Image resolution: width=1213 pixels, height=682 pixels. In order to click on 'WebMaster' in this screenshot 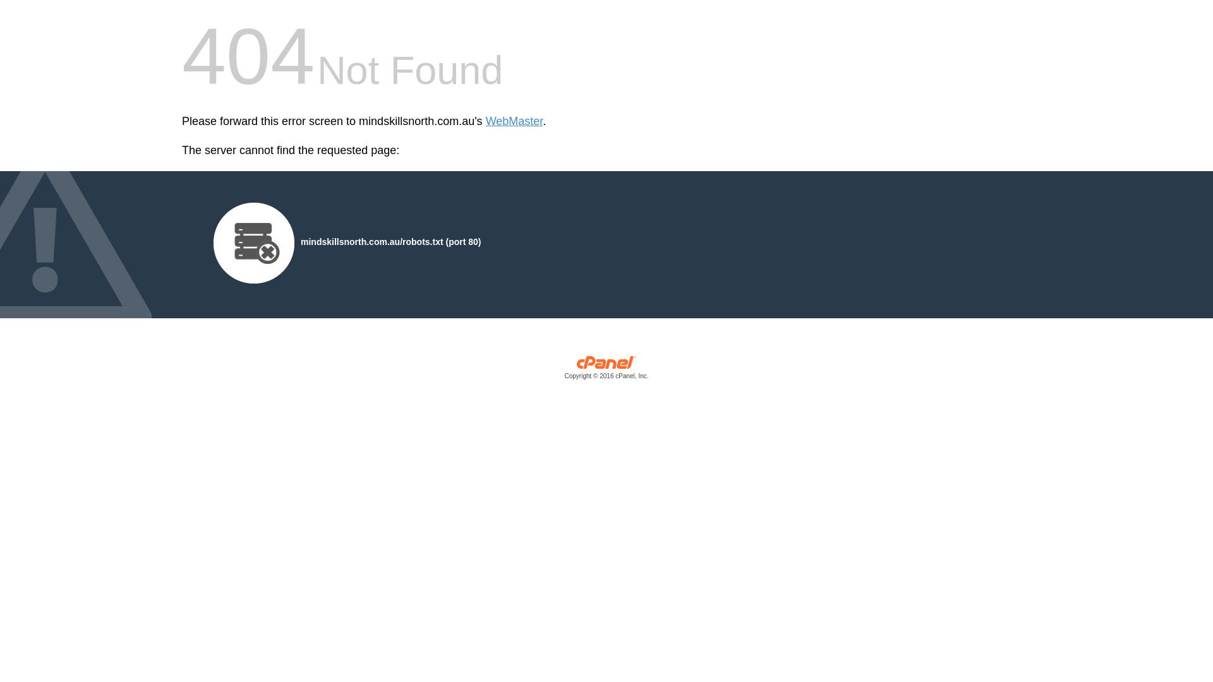, I will do `click(485, 121)`.